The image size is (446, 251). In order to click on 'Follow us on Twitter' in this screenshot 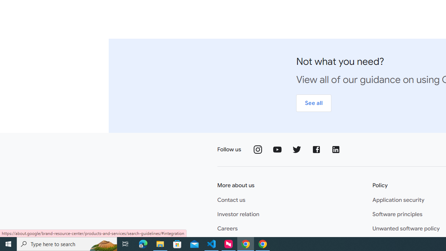, I will do `click(297, 149)`.